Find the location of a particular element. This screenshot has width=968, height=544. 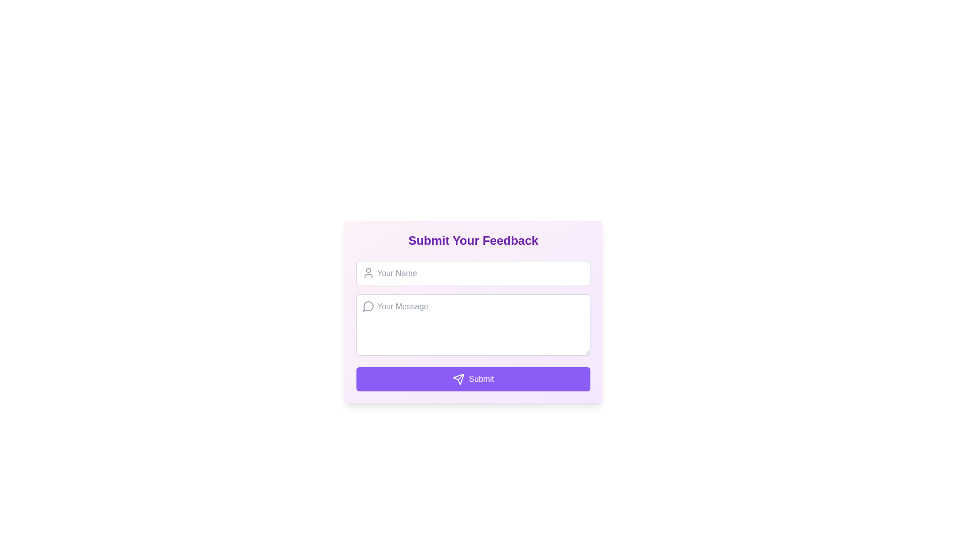

the 'Submit' button with a violet background and white text, located centrally at the bottom of the form is located at coordinates (473, 379).